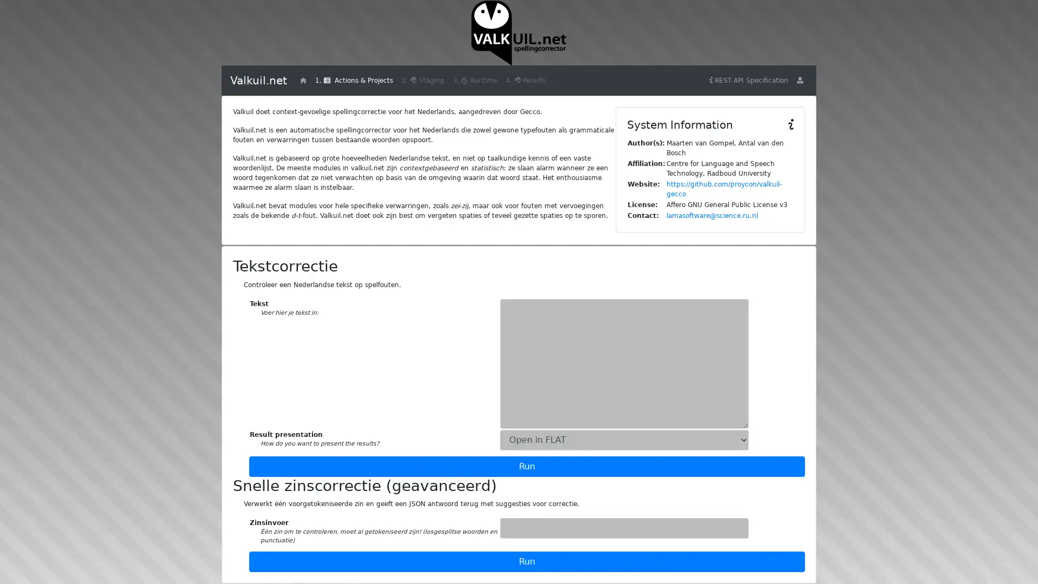 This screenshot has width=1038, height=584. What do you see at coordinates (527, 465) in the screenshot?
I see `Run` at bounding box center [527, 465].